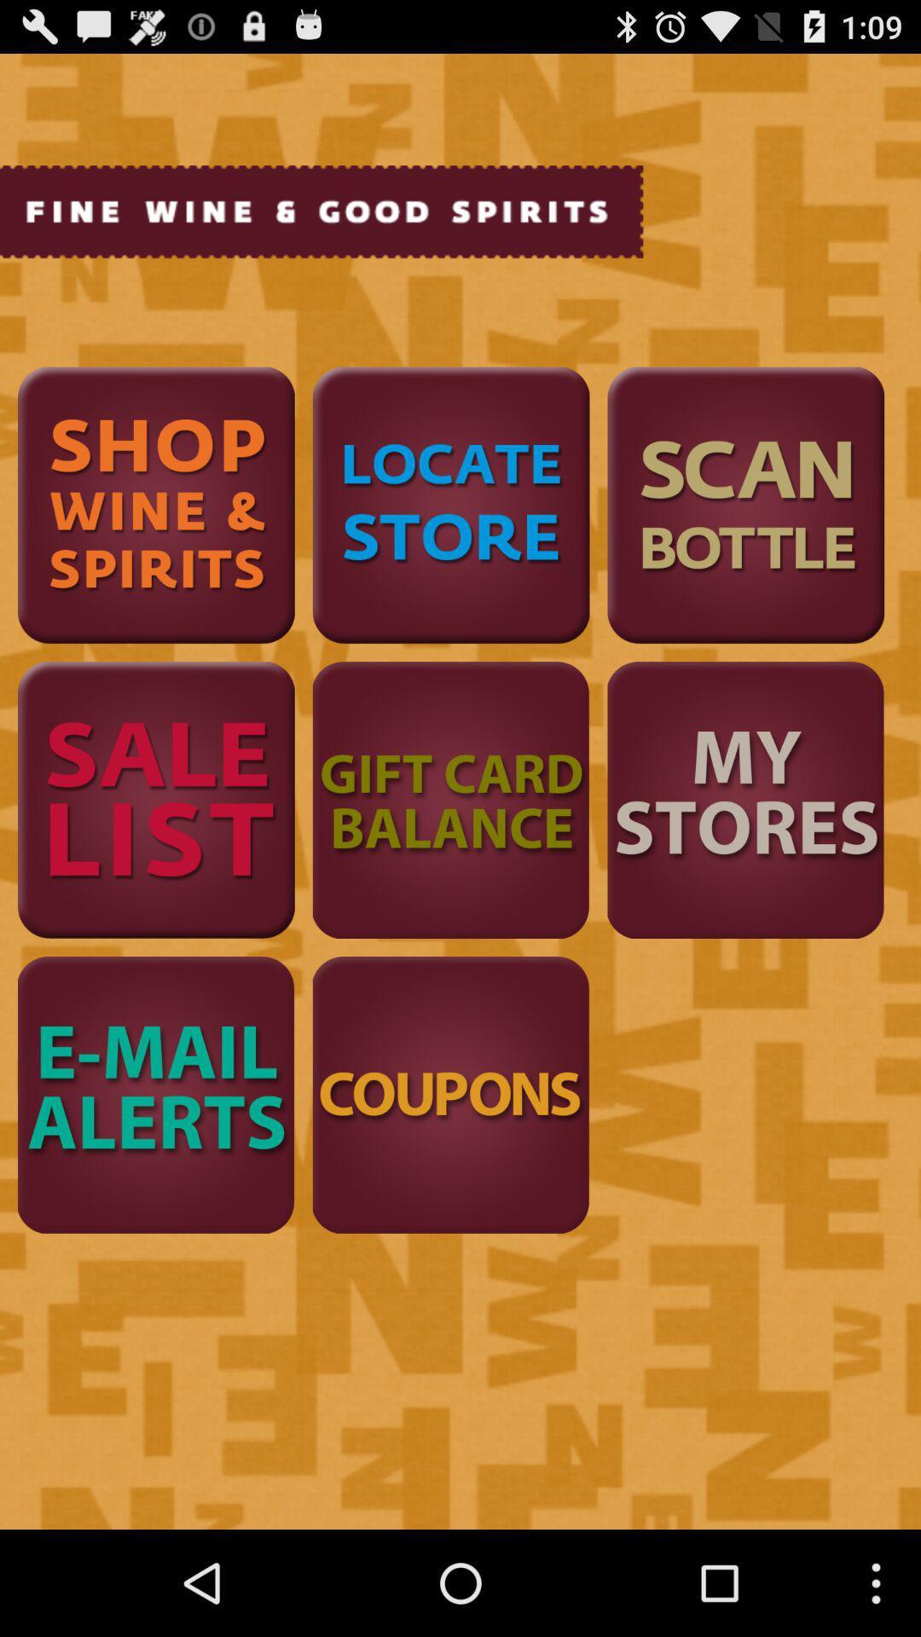  What do you see at coordinates (156, 1095) in the screenshot?
I see `enable e-mail alerts` at bounding box center [156, 1095].